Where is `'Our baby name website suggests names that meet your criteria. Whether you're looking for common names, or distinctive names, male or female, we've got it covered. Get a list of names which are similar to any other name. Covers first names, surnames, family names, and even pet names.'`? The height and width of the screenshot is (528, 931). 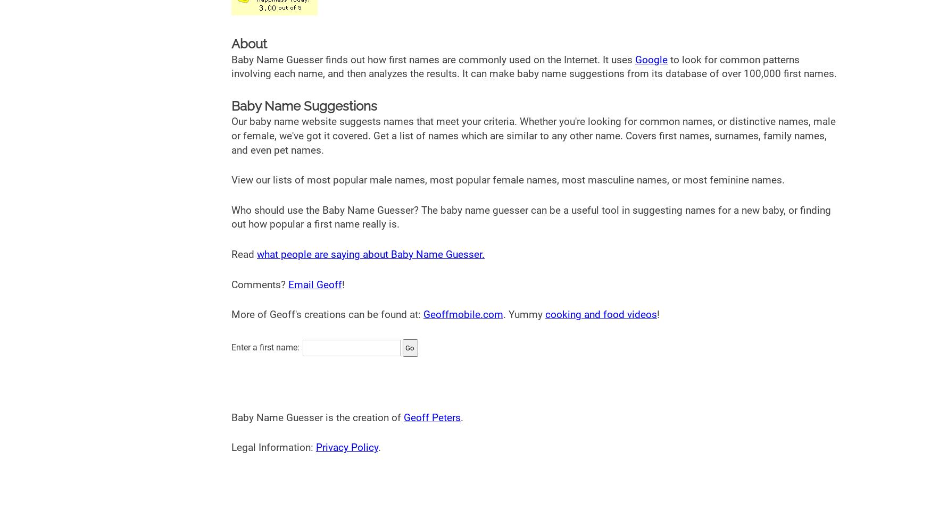 'Our baby name website suggests names that meet your criteria. Whether you're looking for common names, or distinctive names, male or female, we've got it covered. Get a list of names which are similar to any other name. Covers first names, surnames, family names, and even pet names.' is located at coordinates (533, 135).